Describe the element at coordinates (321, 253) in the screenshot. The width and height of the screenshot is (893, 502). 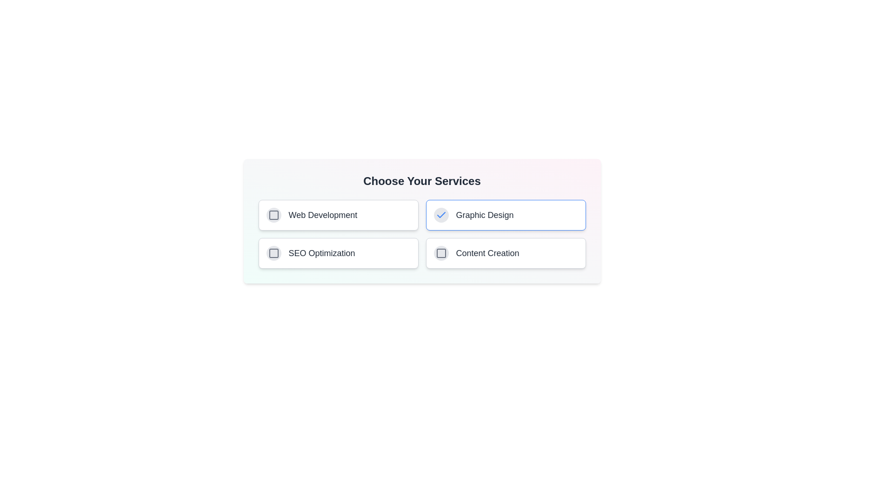
I see `the service labeled SEO Optimization` at that location.